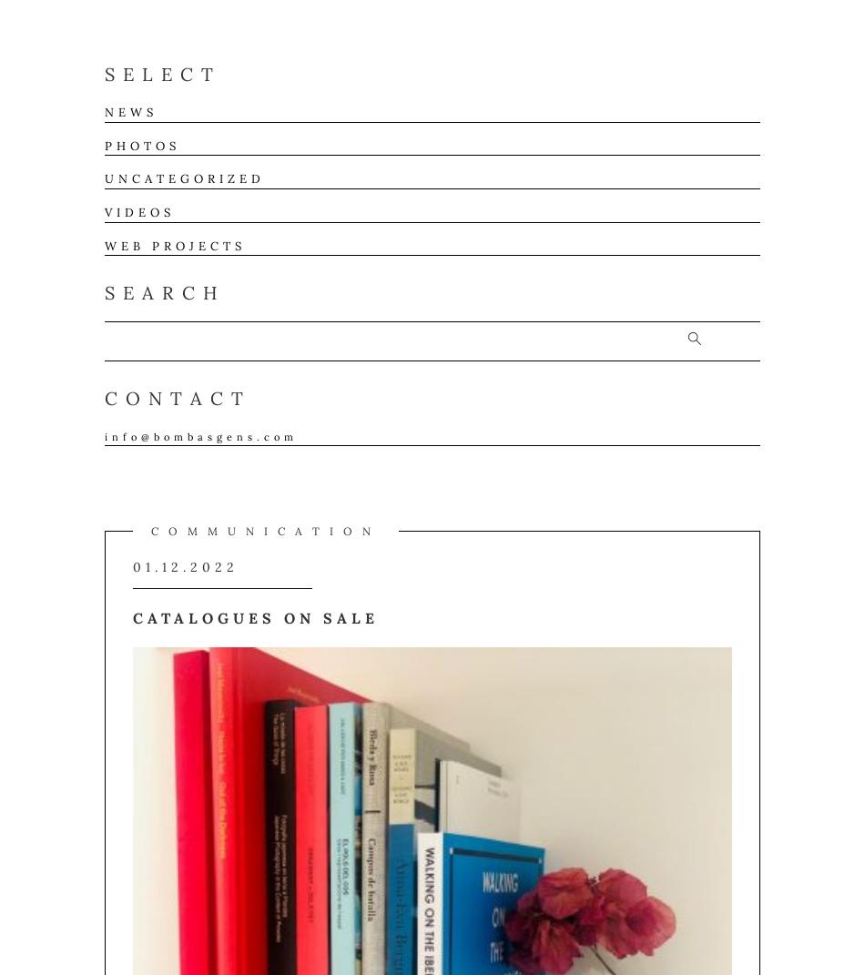 Image resolution: width=865 pixels, height=975 pixels. I want to click on 'SEARCH', so click(165, 291).